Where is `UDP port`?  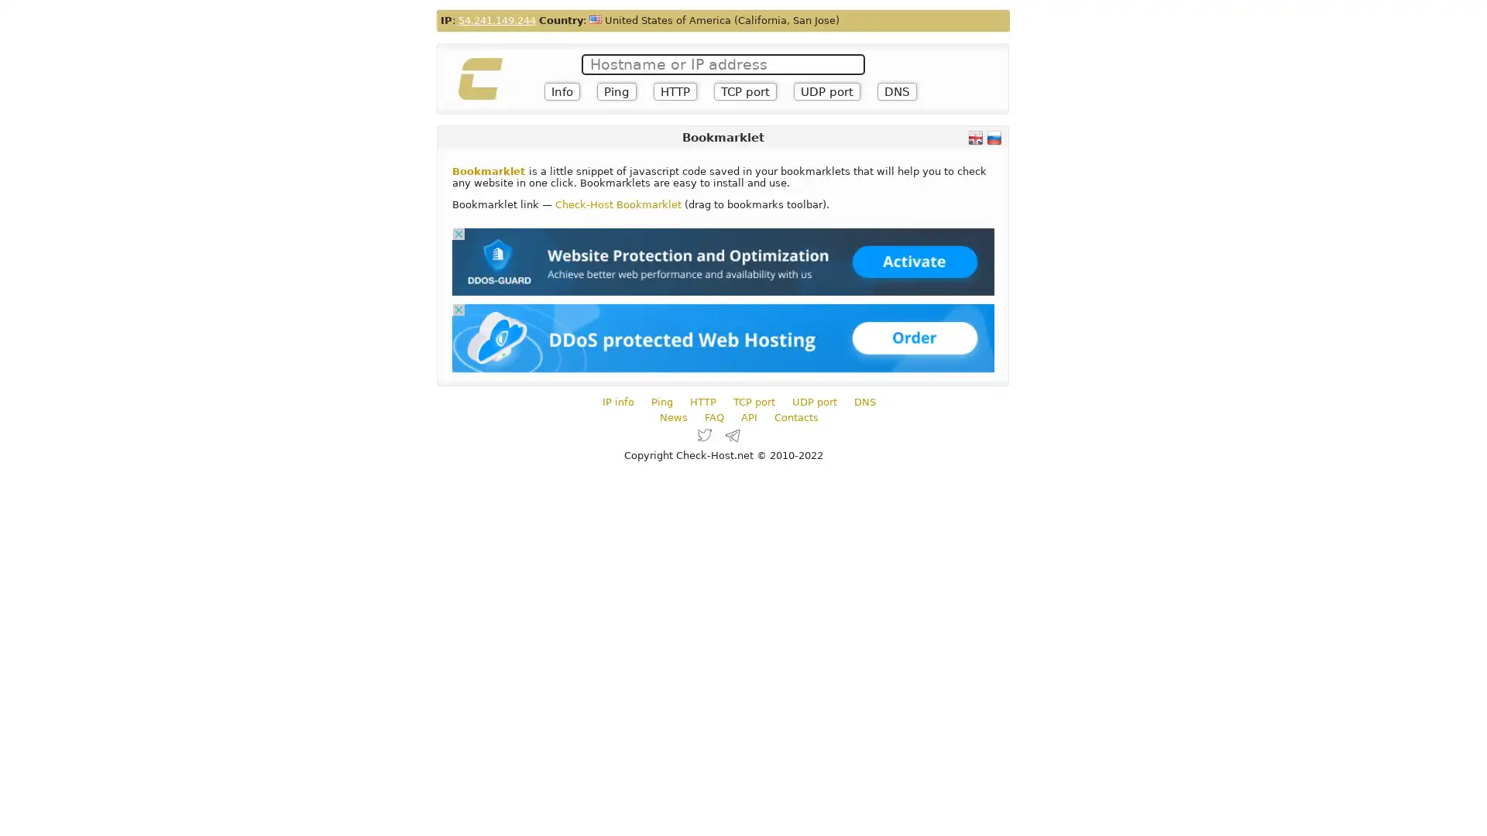 UDP port is located at coordinates (825, 91).